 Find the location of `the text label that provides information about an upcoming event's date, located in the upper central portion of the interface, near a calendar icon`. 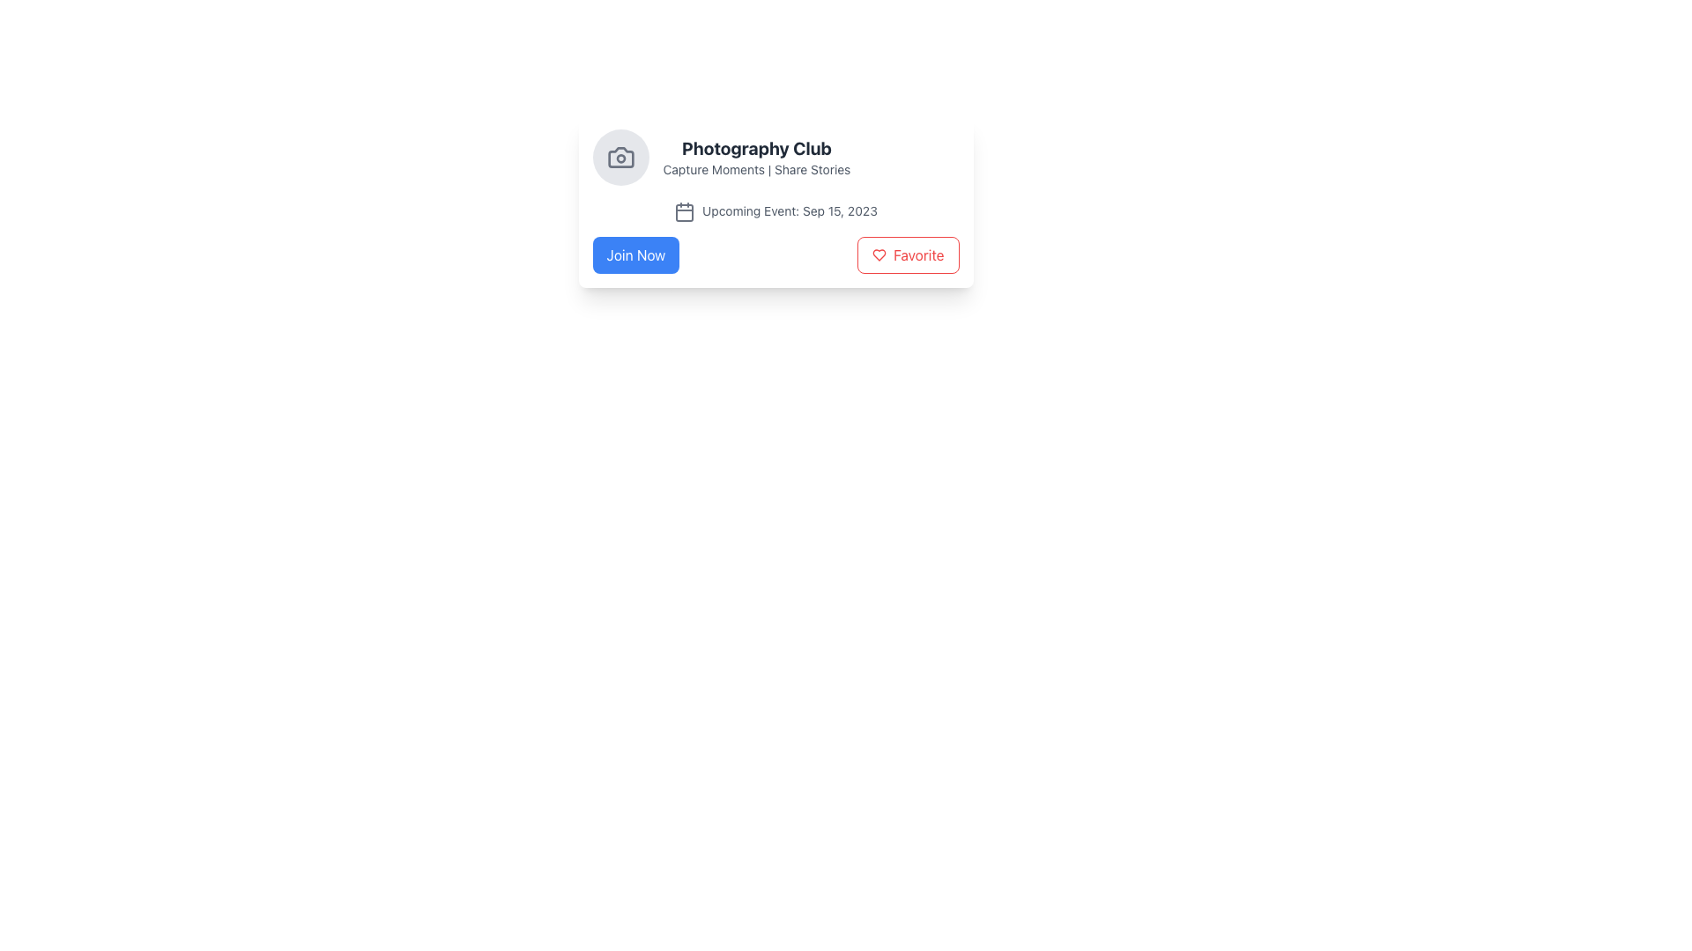

the text label that provides information about an upcoming event's date, located in the upper central portion of the interface, near a calendar icon is located at coordinates (789, 210).